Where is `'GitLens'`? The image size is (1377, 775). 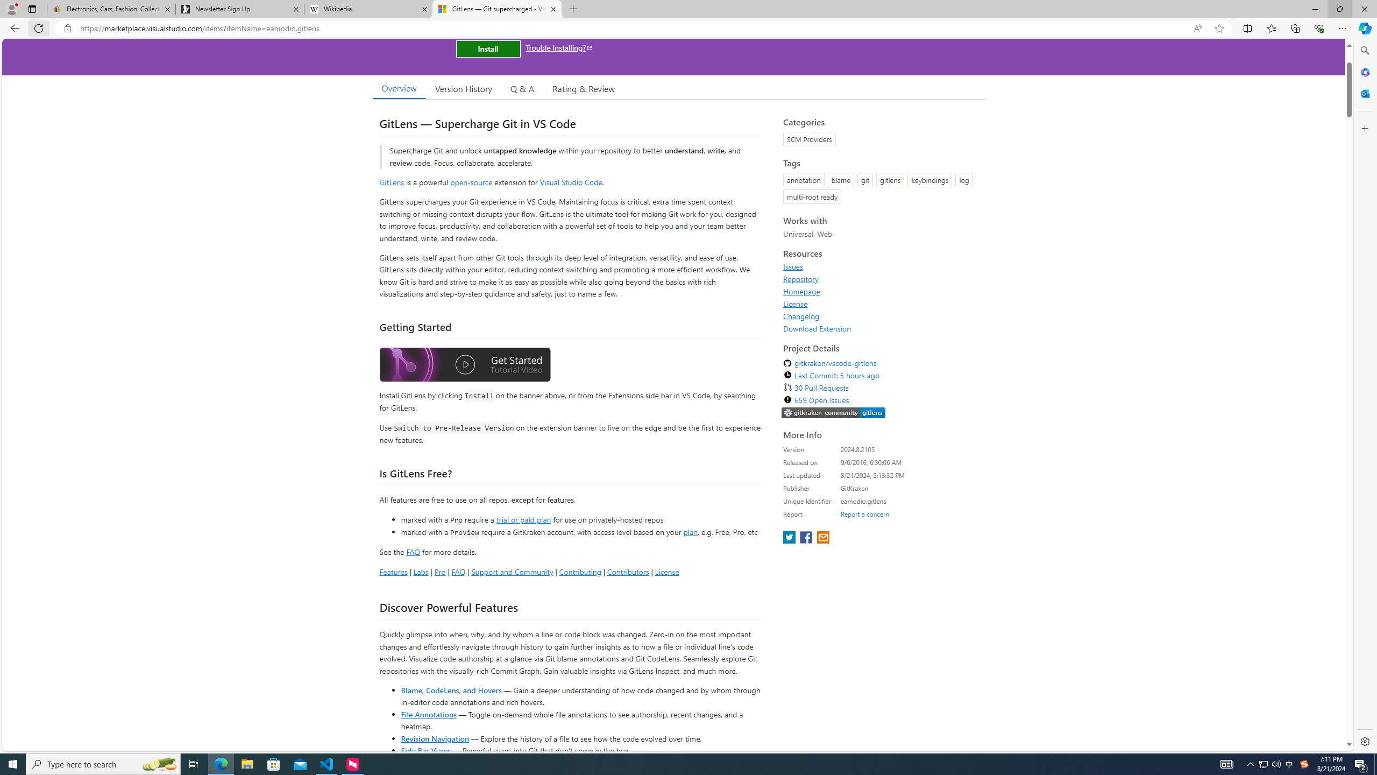 'GitLens' is located at coordinates (391, 181).